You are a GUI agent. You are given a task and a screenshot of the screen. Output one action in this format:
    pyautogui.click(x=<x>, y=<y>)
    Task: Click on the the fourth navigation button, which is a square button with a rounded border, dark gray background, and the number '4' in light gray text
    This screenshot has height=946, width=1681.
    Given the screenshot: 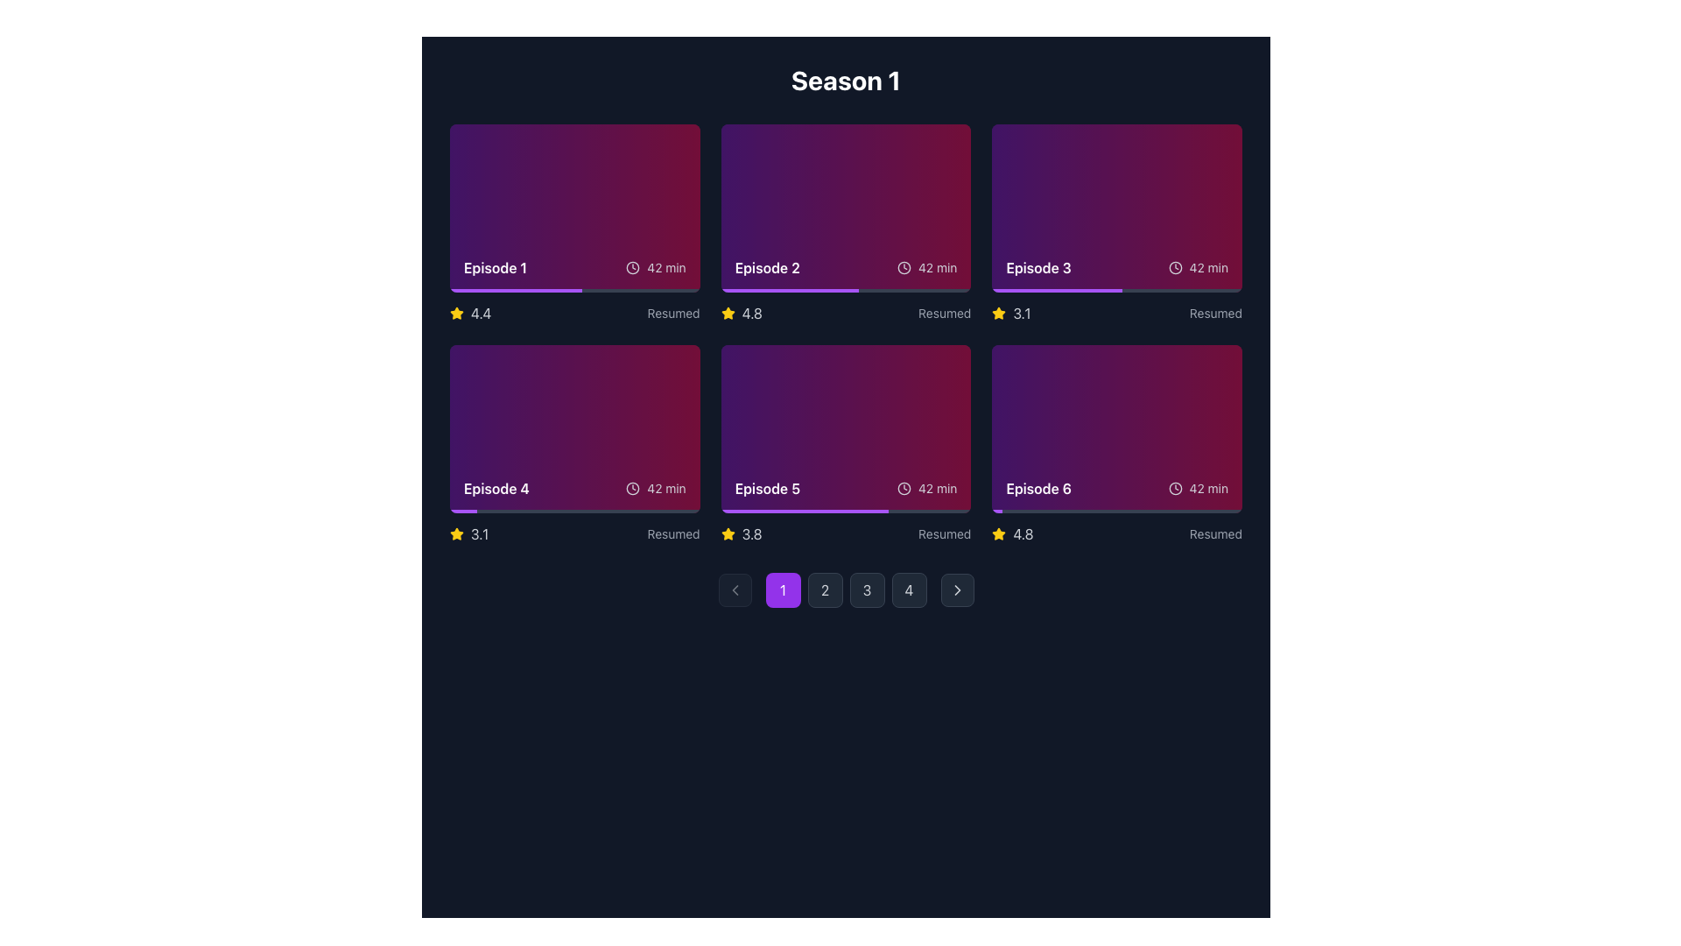 What is the action you would take?
    pyautogui.click(x=909, y=590)
    